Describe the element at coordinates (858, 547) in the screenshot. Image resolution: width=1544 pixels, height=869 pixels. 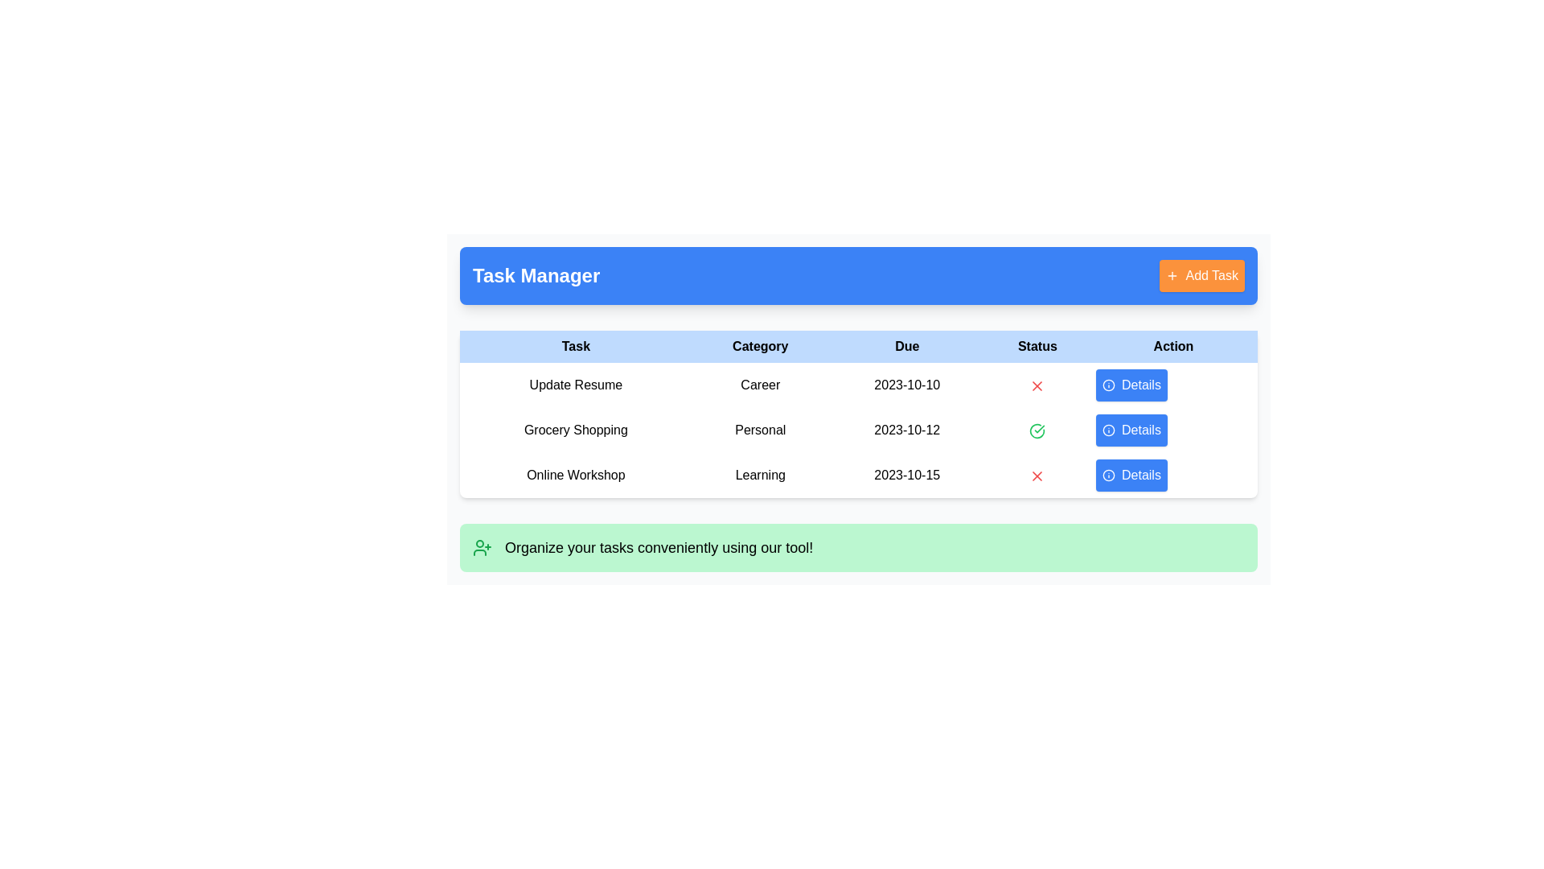
I see `the informational banner that provides guidance or encouragement to users about the task organizer, located below the 'Online Workshop Learning Details' row` at that location.